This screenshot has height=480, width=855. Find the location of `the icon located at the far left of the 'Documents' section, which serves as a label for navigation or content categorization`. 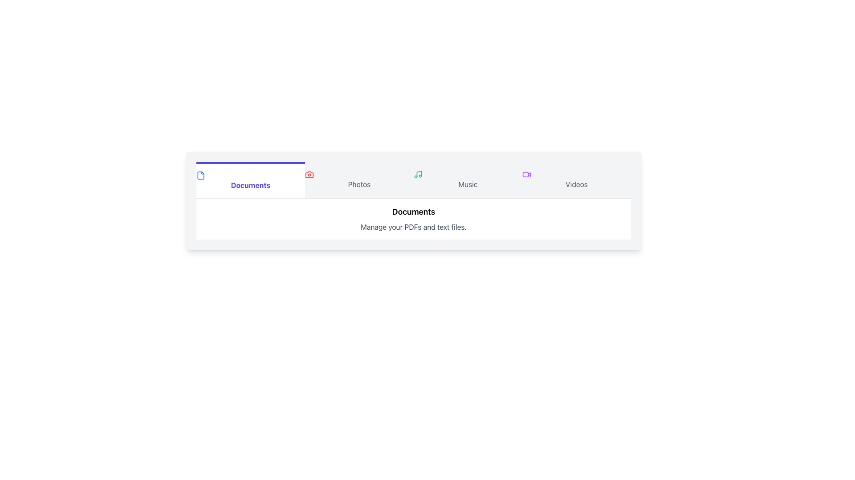

the icon located at the far left of the 'Documents' section, which serves as a label for navigation or content categorization is located at coordinates (200, 175).